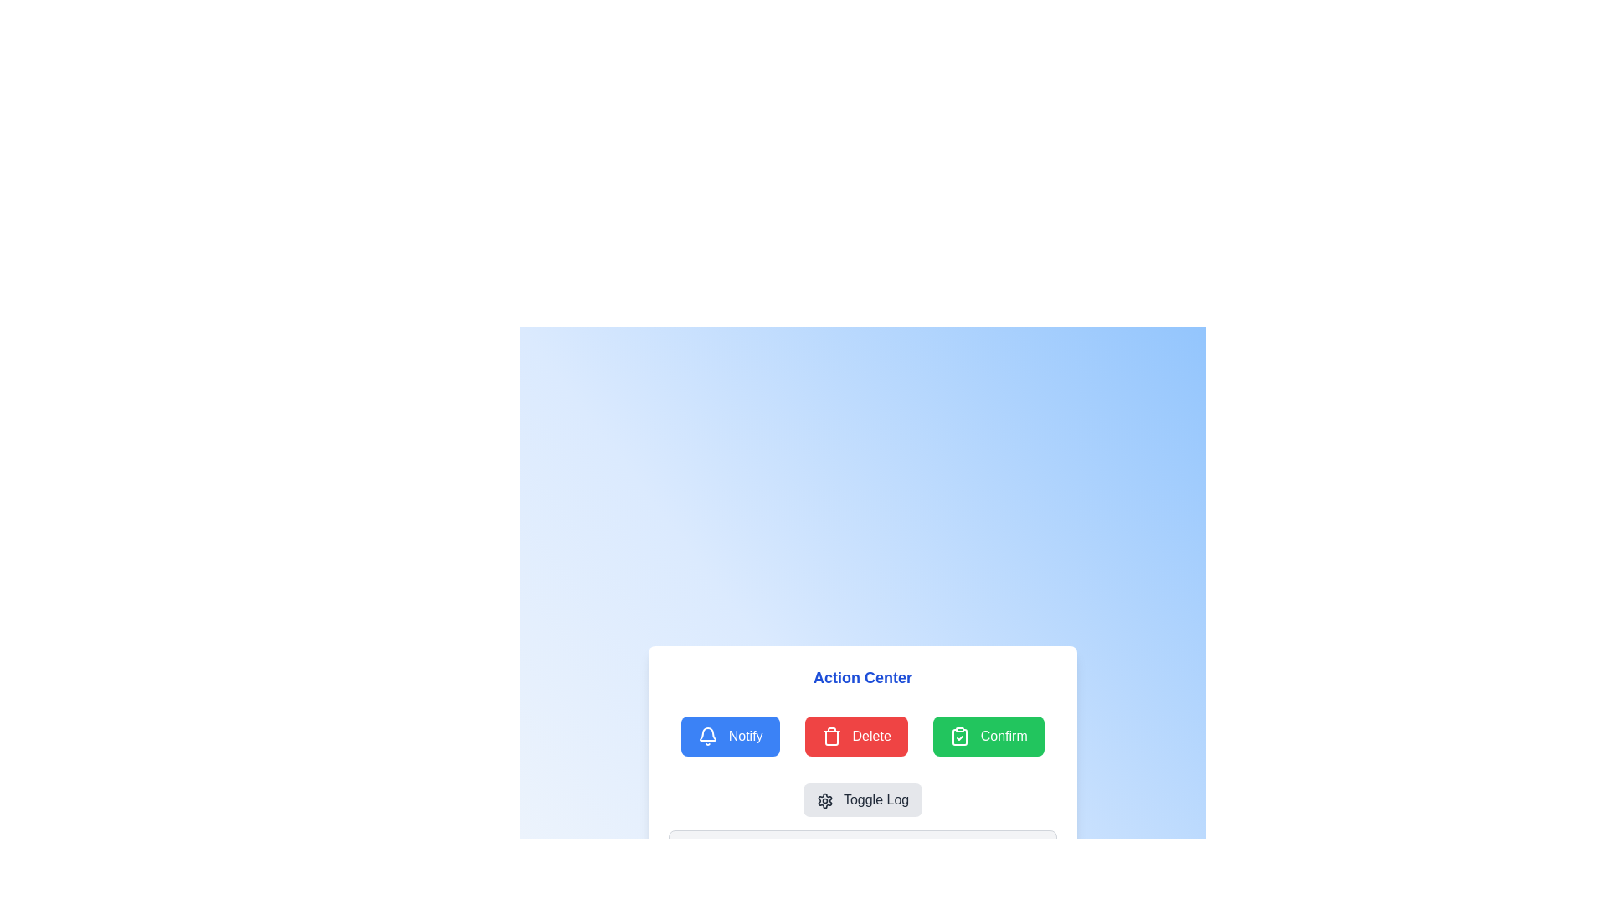  I want to click on the clipboard icon with a checkmark overlay, which is located inside the green 'Confirm' button at the right end of the button row under the 'Action Center' title, so click(960, 736).